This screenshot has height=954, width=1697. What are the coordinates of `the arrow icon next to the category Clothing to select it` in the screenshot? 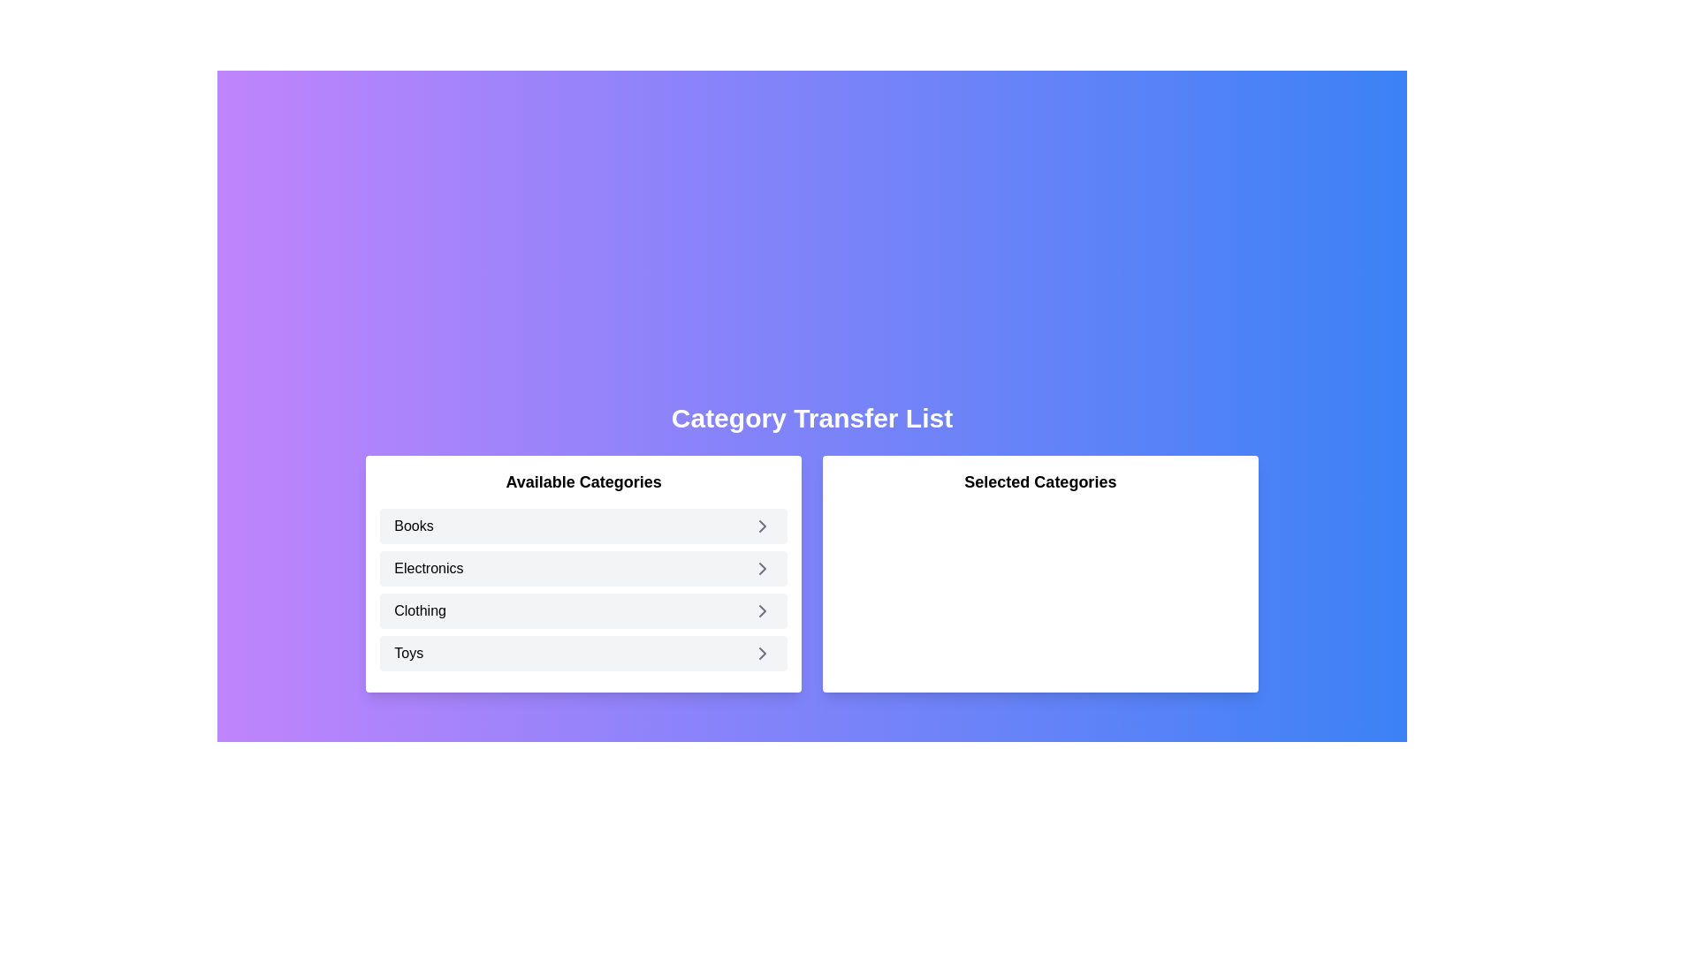 It's located at (763, 609).